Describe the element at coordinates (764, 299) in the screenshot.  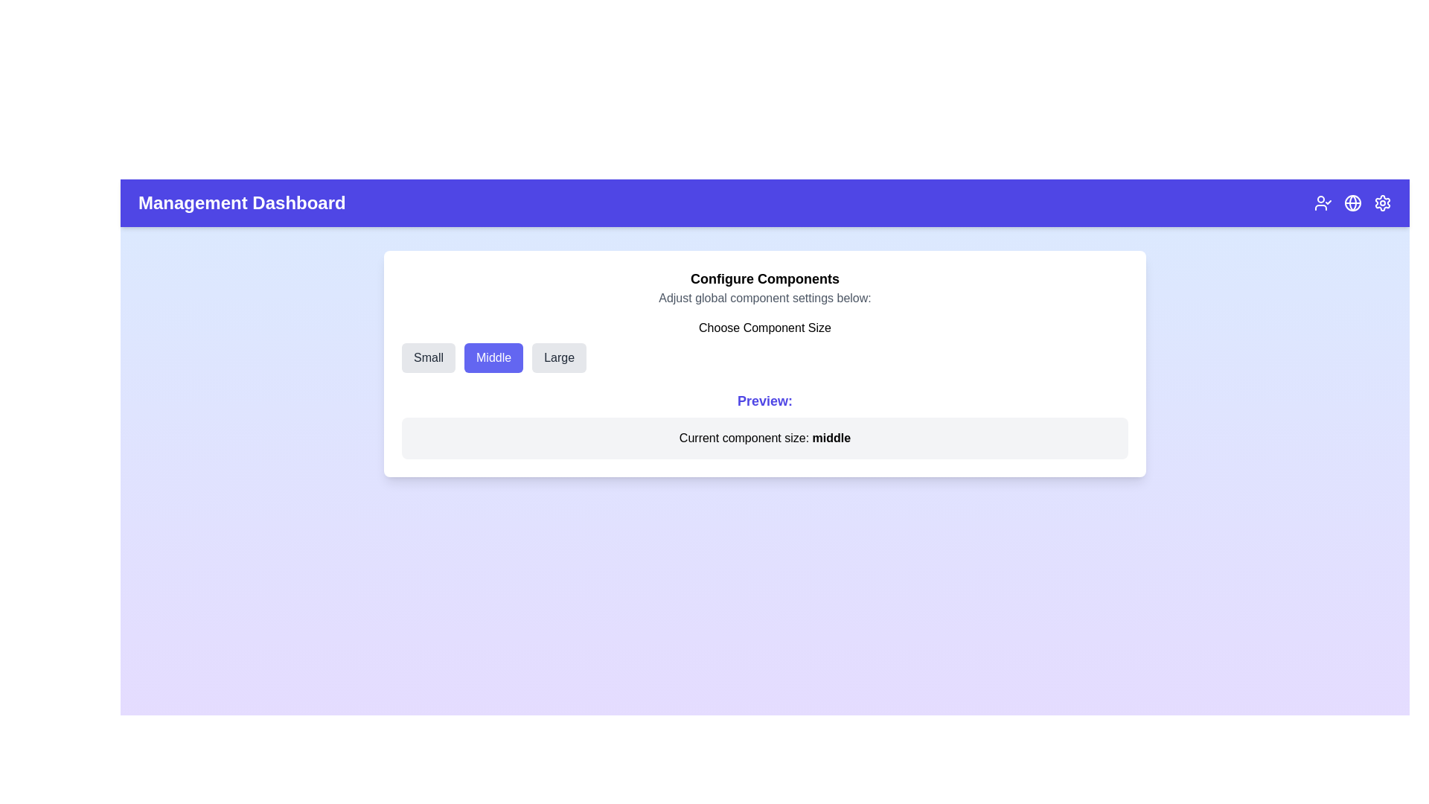
I see `the static text reading 'Adjust global component settings below:' which is styled in gray and located beneath the title 'Configure Components'` at that location.